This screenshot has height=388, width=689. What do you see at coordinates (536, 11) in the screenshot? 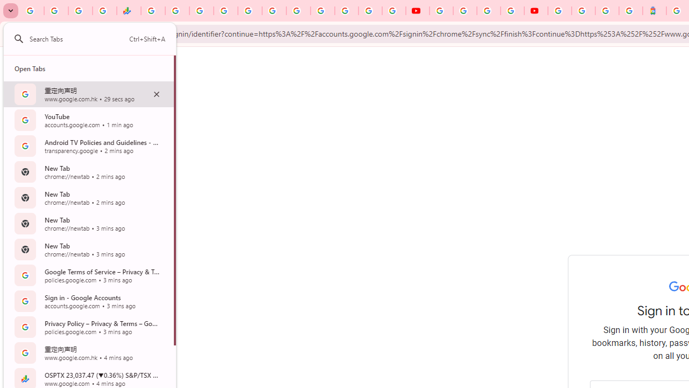
I see `'Content Creator Programs & Opportunities - YouTube Creators'` at bounding box center [536, 11].